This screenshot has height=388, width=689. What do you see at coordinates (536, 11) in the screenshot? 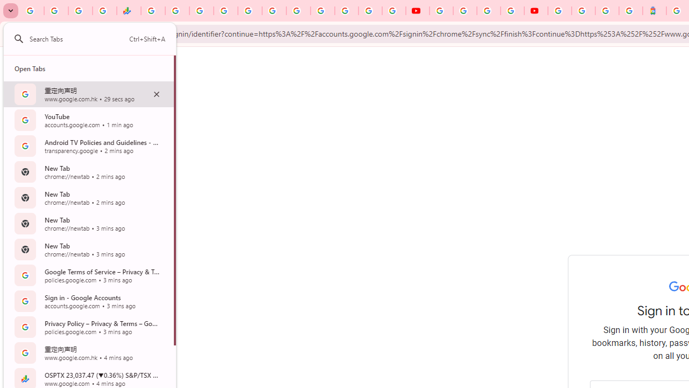
I see `'Content Creator Programs & Opportunities - YouTube Creators'` at bounding box center [536, 11].